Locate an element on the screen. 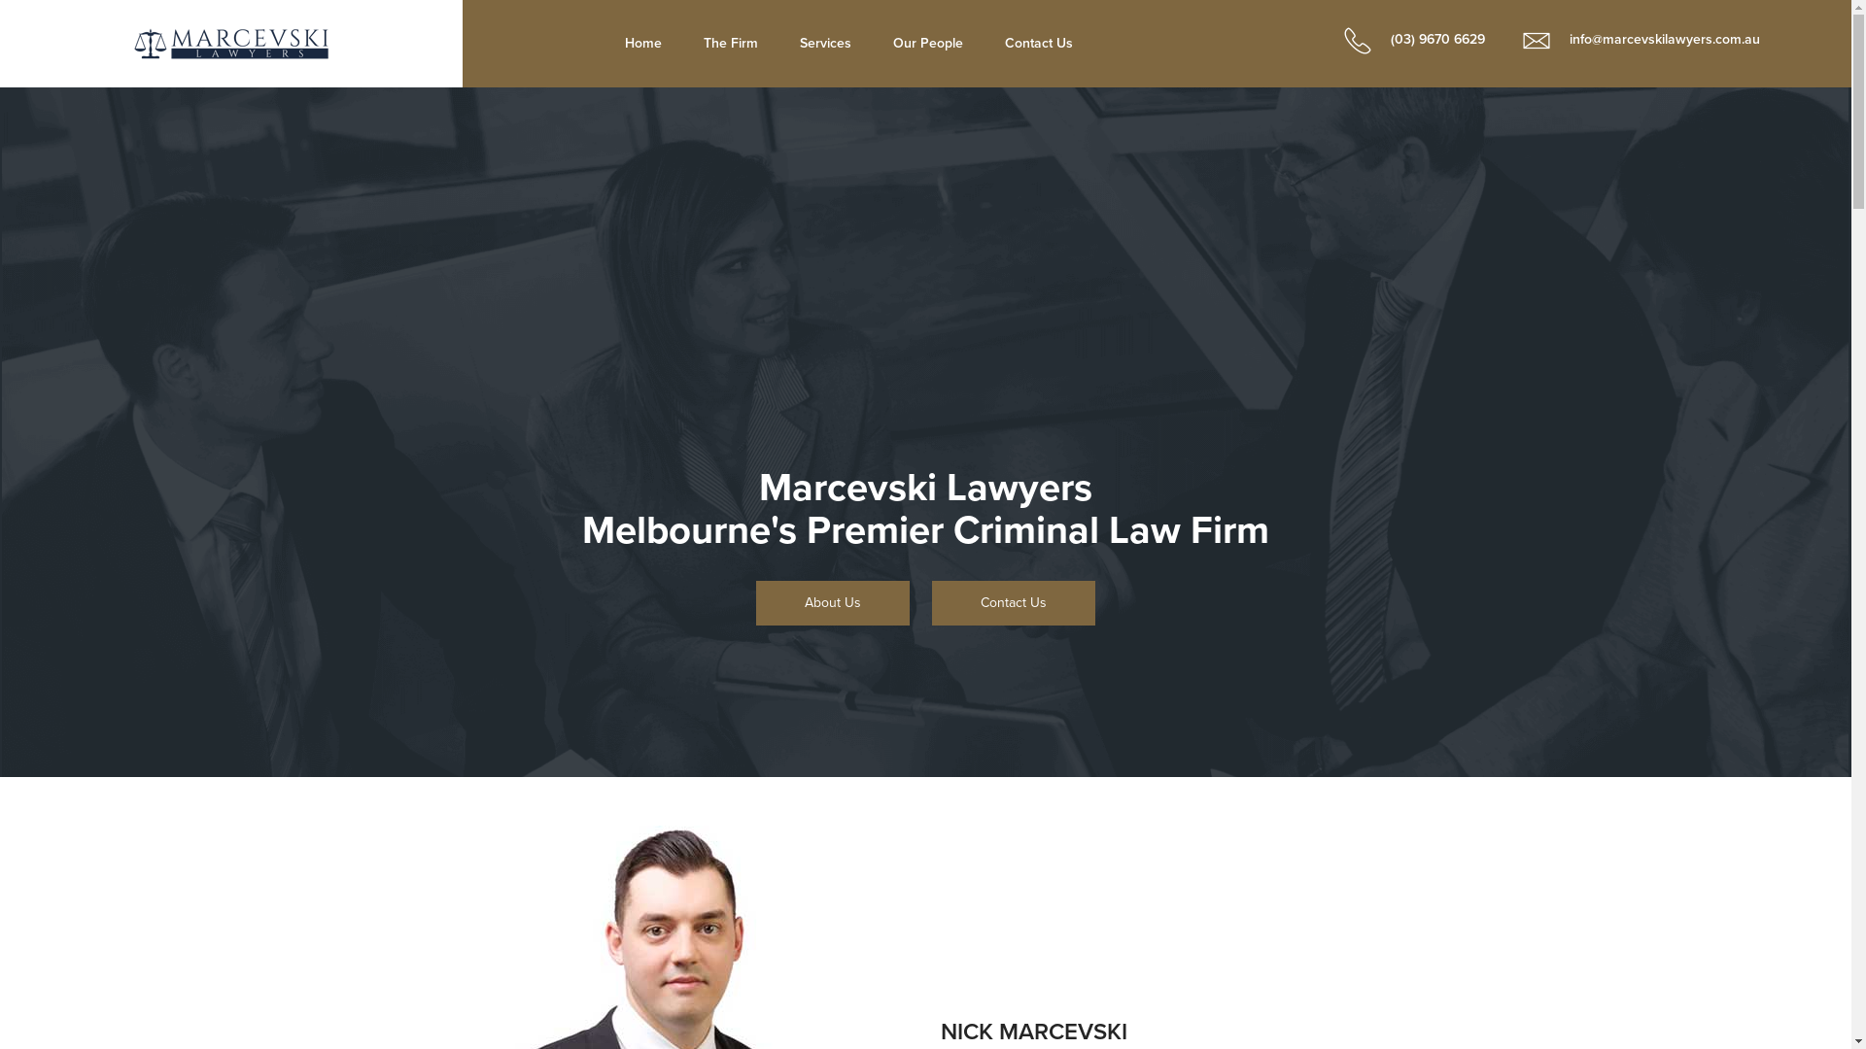 The width and height of the screenshot is (1866, 1049). 'Our People' is located at coordinates (927, 44).